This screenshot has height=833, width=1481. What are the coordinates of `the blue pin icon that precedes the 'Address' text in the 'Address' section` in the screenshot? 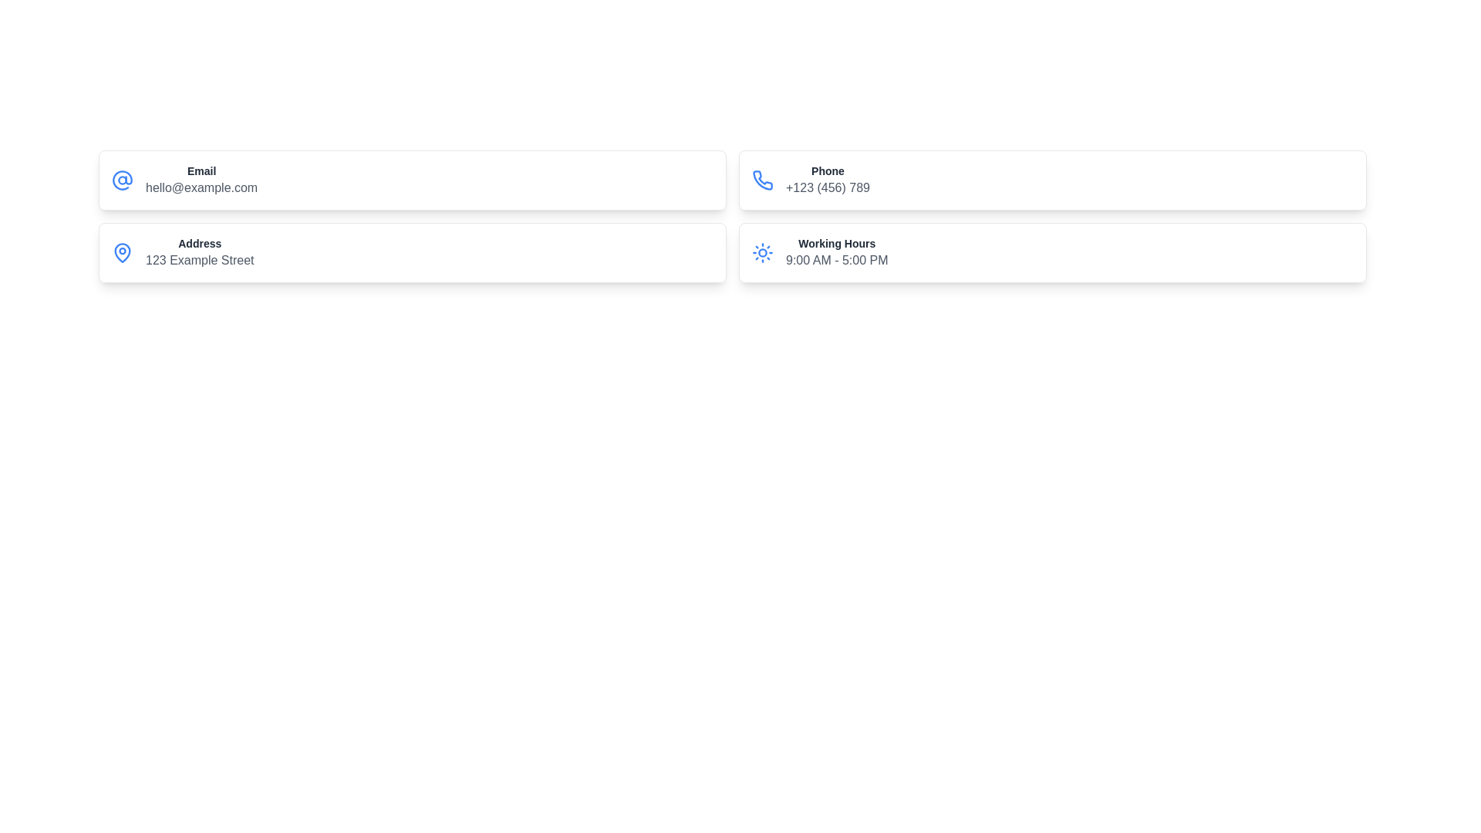 It's located at (121, 251).